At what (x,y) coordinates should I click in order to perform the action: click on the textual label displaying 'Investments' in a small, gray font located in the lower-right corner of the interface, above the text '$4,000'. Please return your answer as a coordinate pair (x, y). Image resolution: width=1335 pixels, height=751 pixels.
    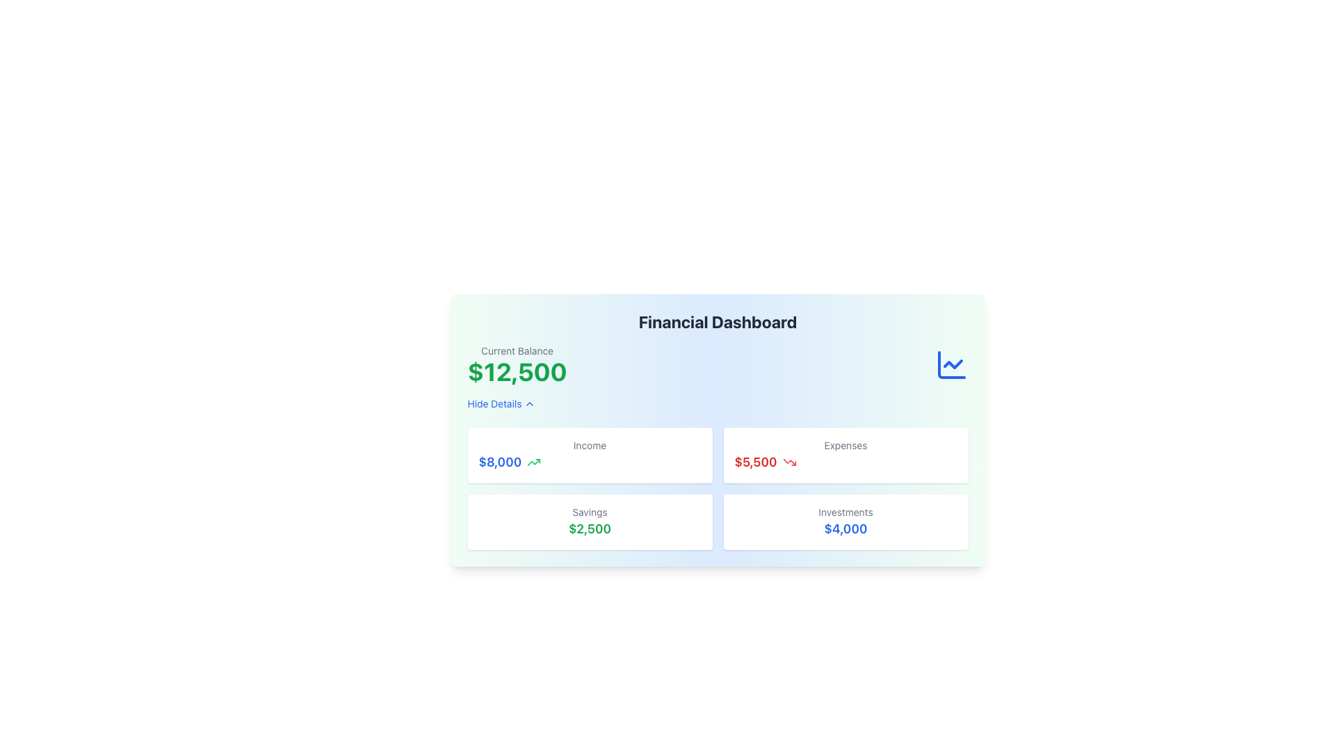
    Looking at the image, I should click on (845, 512).